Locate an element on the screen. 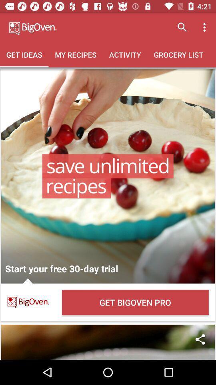 The width and height of the screenshot is (216, 385). open the selection is located at coordinates (108, 176).